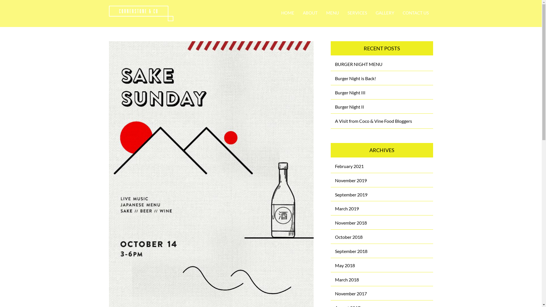 This screenshot has height=307, width=546. What do you see at coordinates (349, 107) in the screenshot?
I see `'Burger Night II'` at bounding box center [349, 107].